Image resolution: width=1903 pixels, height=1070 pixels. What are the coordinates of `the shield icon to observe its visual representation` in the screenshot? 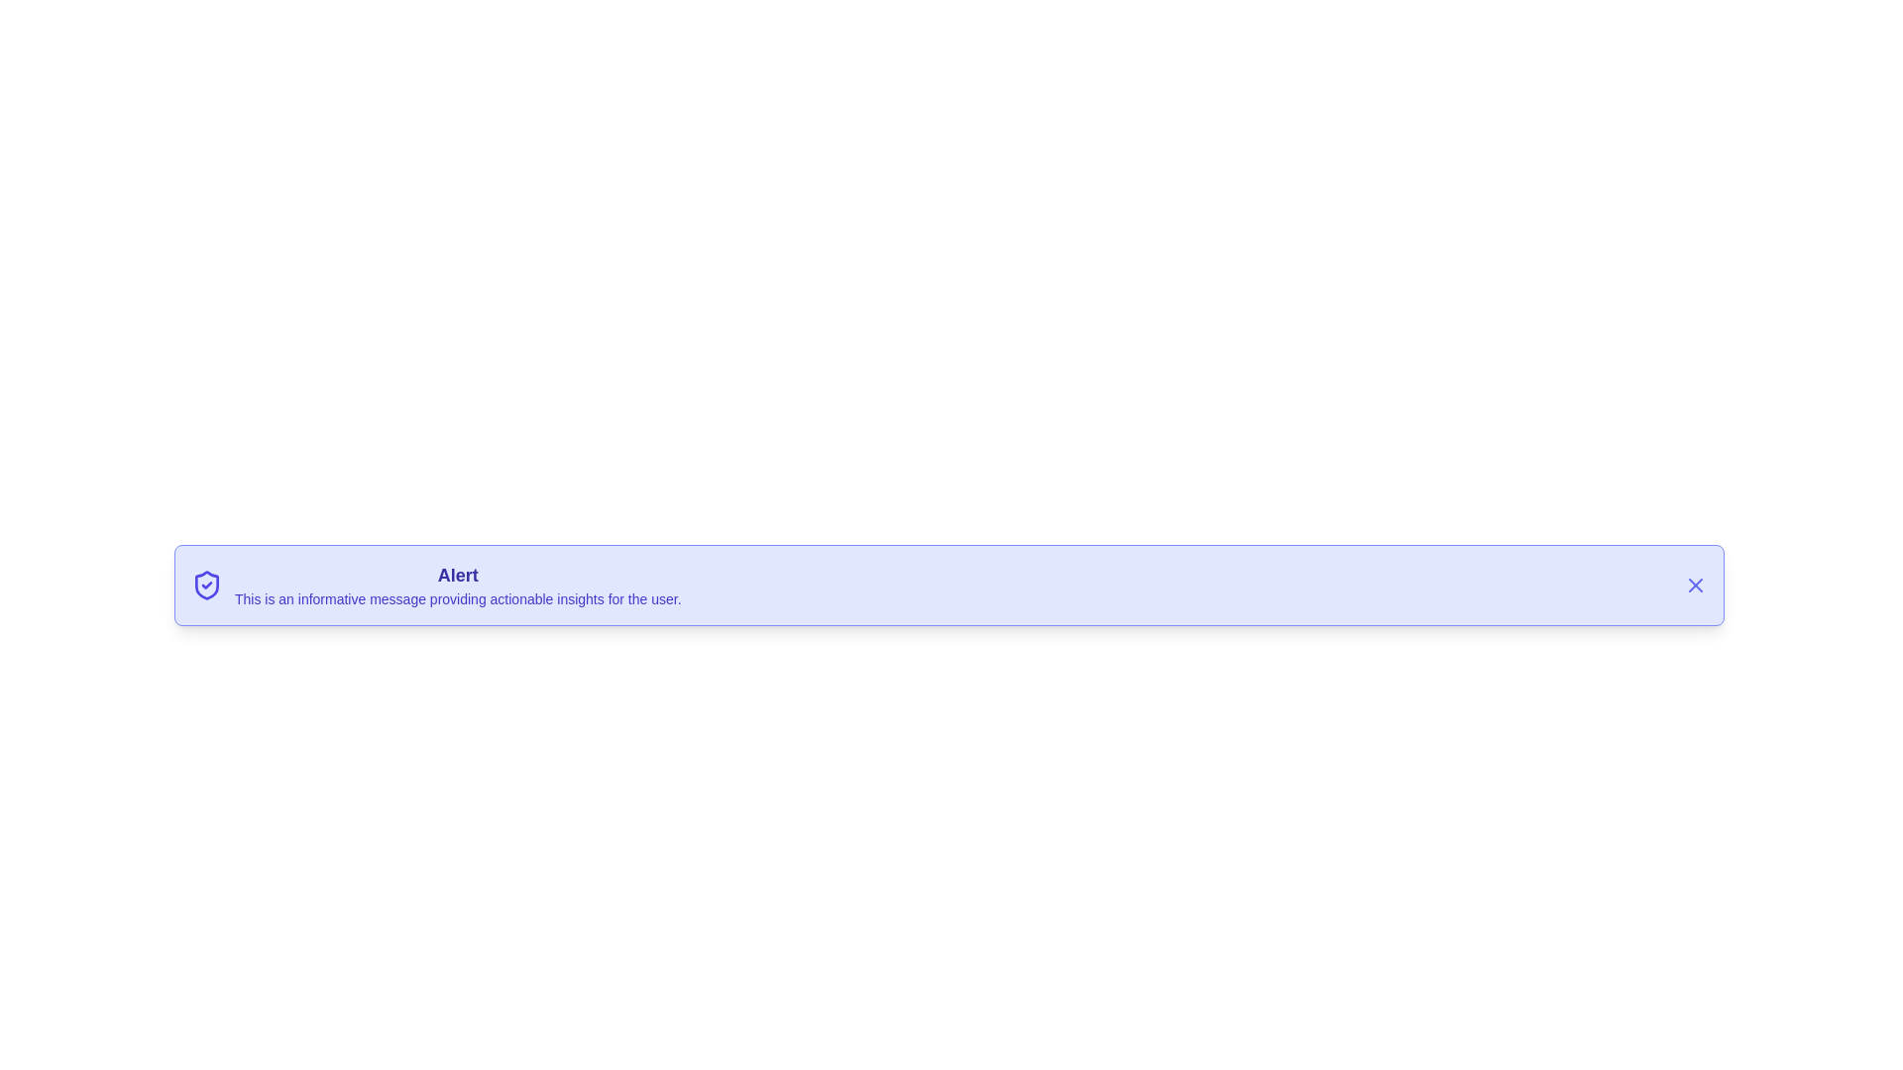 It's located at (207, 584).